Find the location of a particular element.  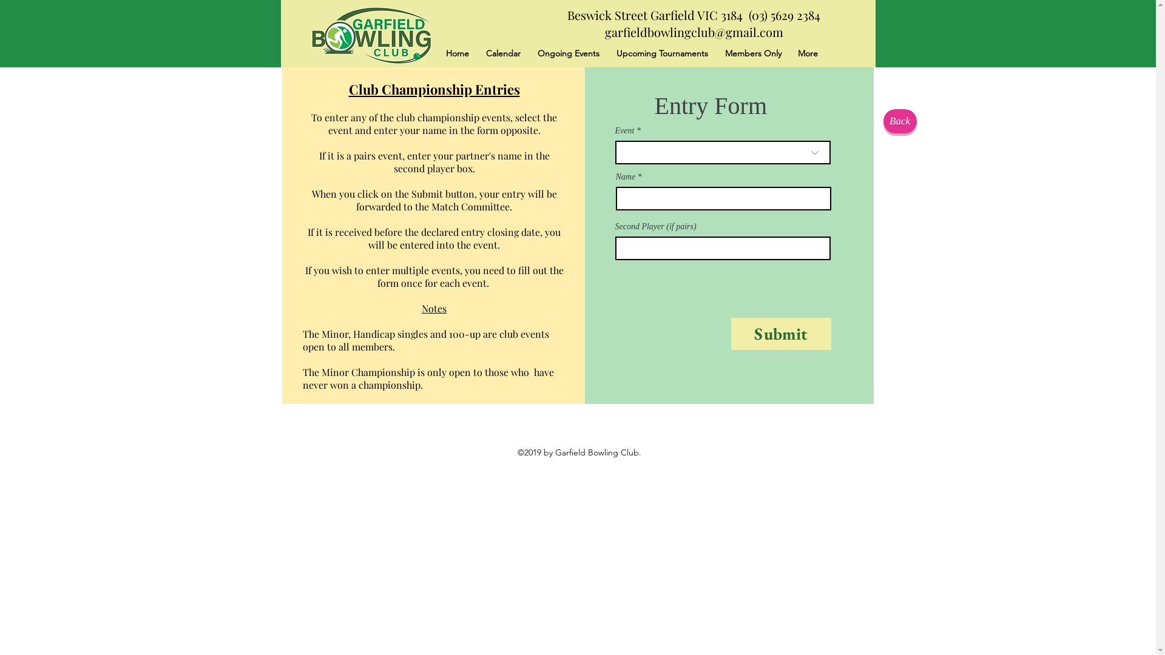

'Ongoing Events' is located at coordinates (529, 53).